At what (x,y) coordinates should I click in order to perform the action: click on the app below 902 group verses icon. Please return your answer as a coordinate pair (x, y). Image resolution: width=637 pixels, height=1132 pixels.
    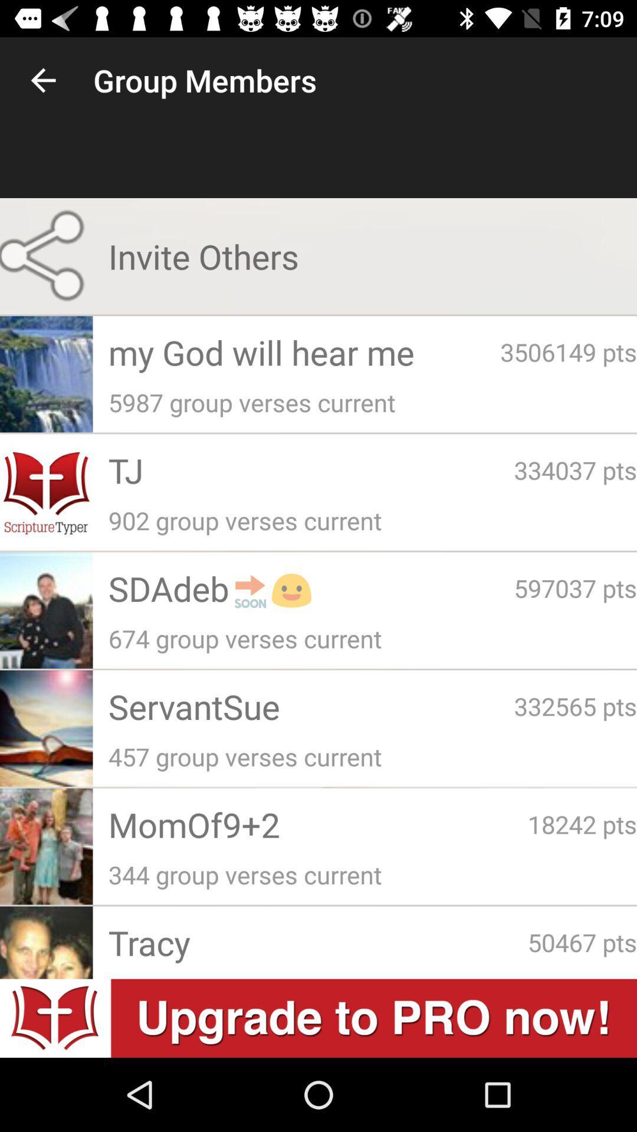
    Looking at the image, I should click on (310, 588).